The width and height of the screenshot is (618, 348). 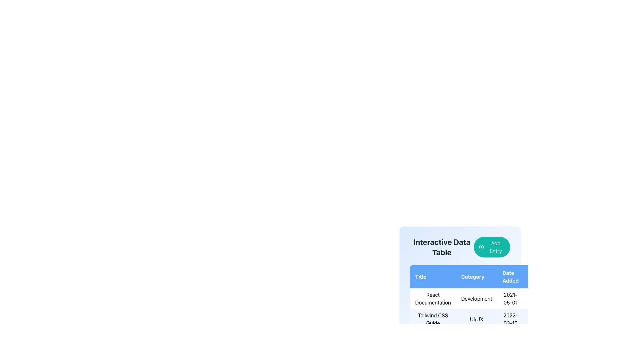 What do you see at coordinates (433, 298) in the screenshot?
I see `the text element displaying 'React Documentation' located in the first row of a table under the 'Title' column` at bounding box center [433, 298].